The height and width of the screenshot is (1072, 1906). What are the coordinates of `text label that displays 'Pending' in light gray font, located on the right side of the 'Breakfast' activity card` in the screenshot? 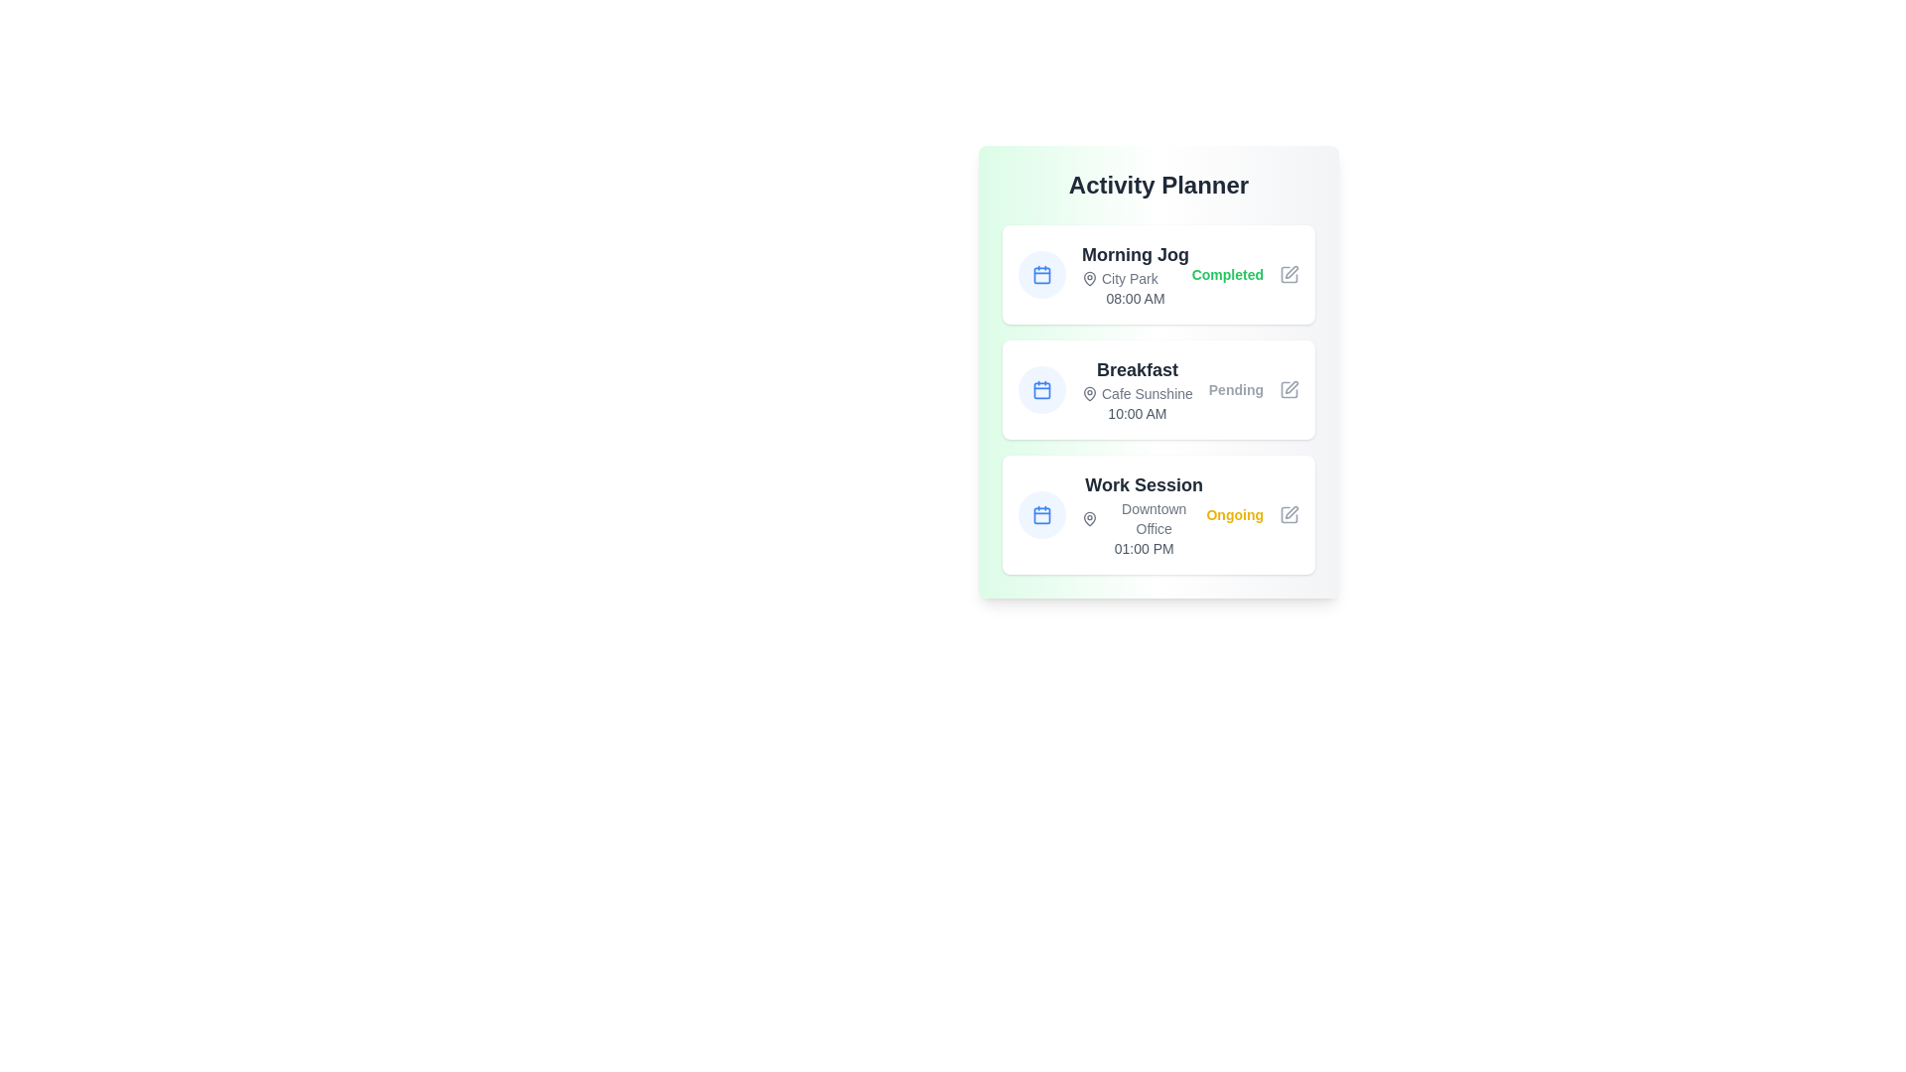 It's located at (1253, 390).